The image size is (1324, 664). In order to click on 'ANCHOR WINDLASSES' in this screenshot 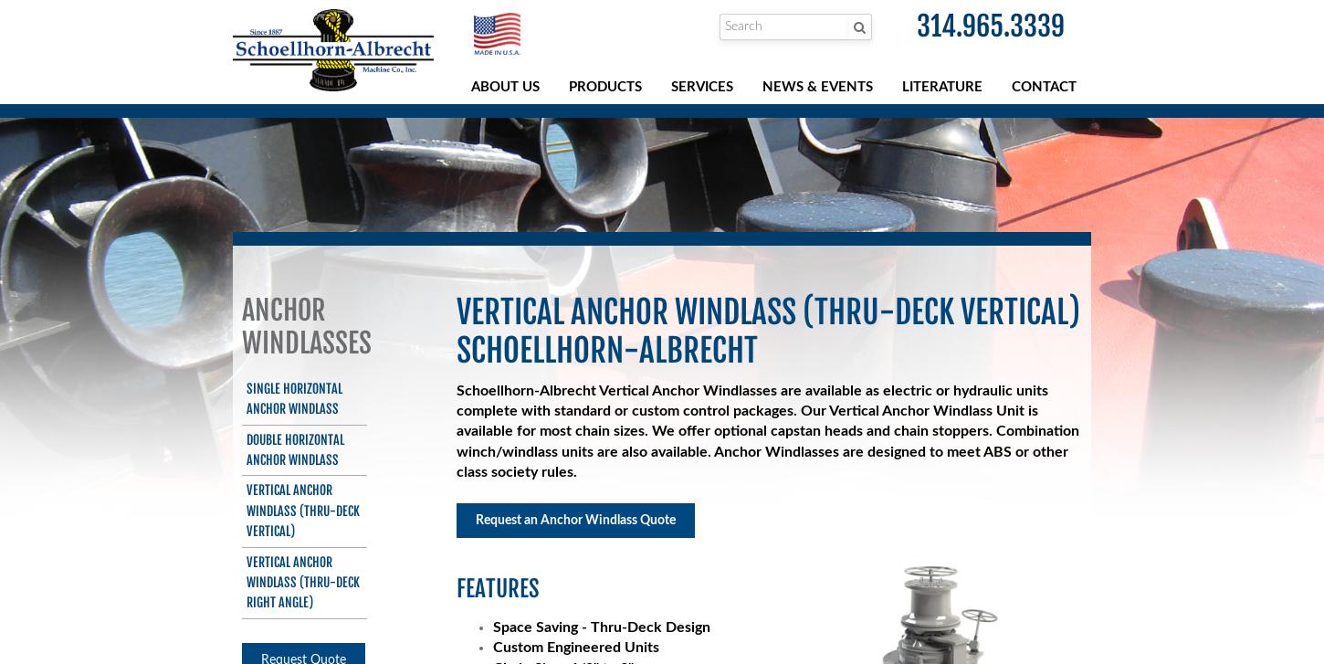, I will do `click(306, 325)`.